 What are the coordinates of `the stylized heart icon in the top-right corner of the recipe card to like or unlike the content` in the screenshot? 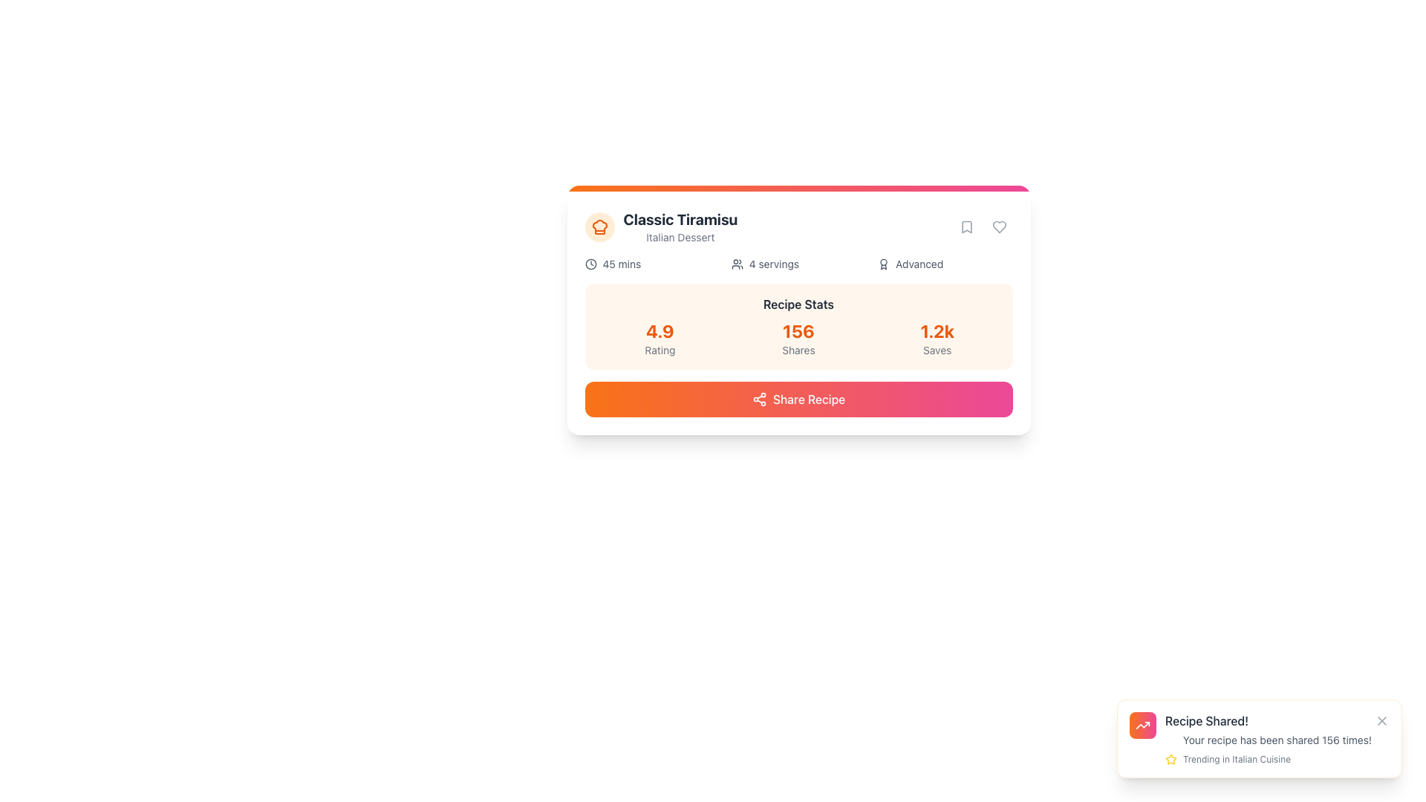 It's located at (999, 226).